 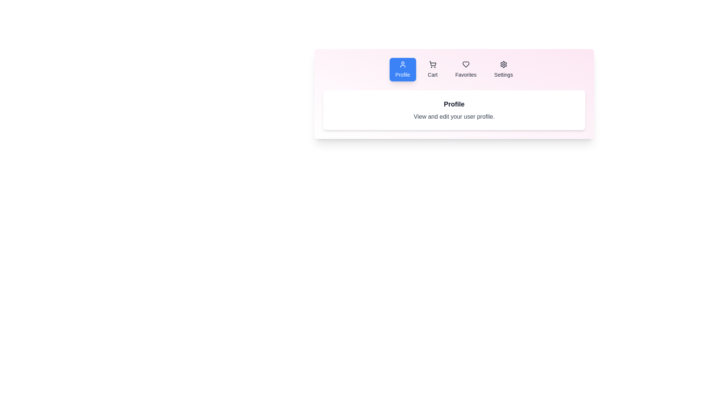 What do you see at coordinates (402, 70) in the screenshot?
I see `the tab labeled Profile to view its content` at bounding box center [402, 70].